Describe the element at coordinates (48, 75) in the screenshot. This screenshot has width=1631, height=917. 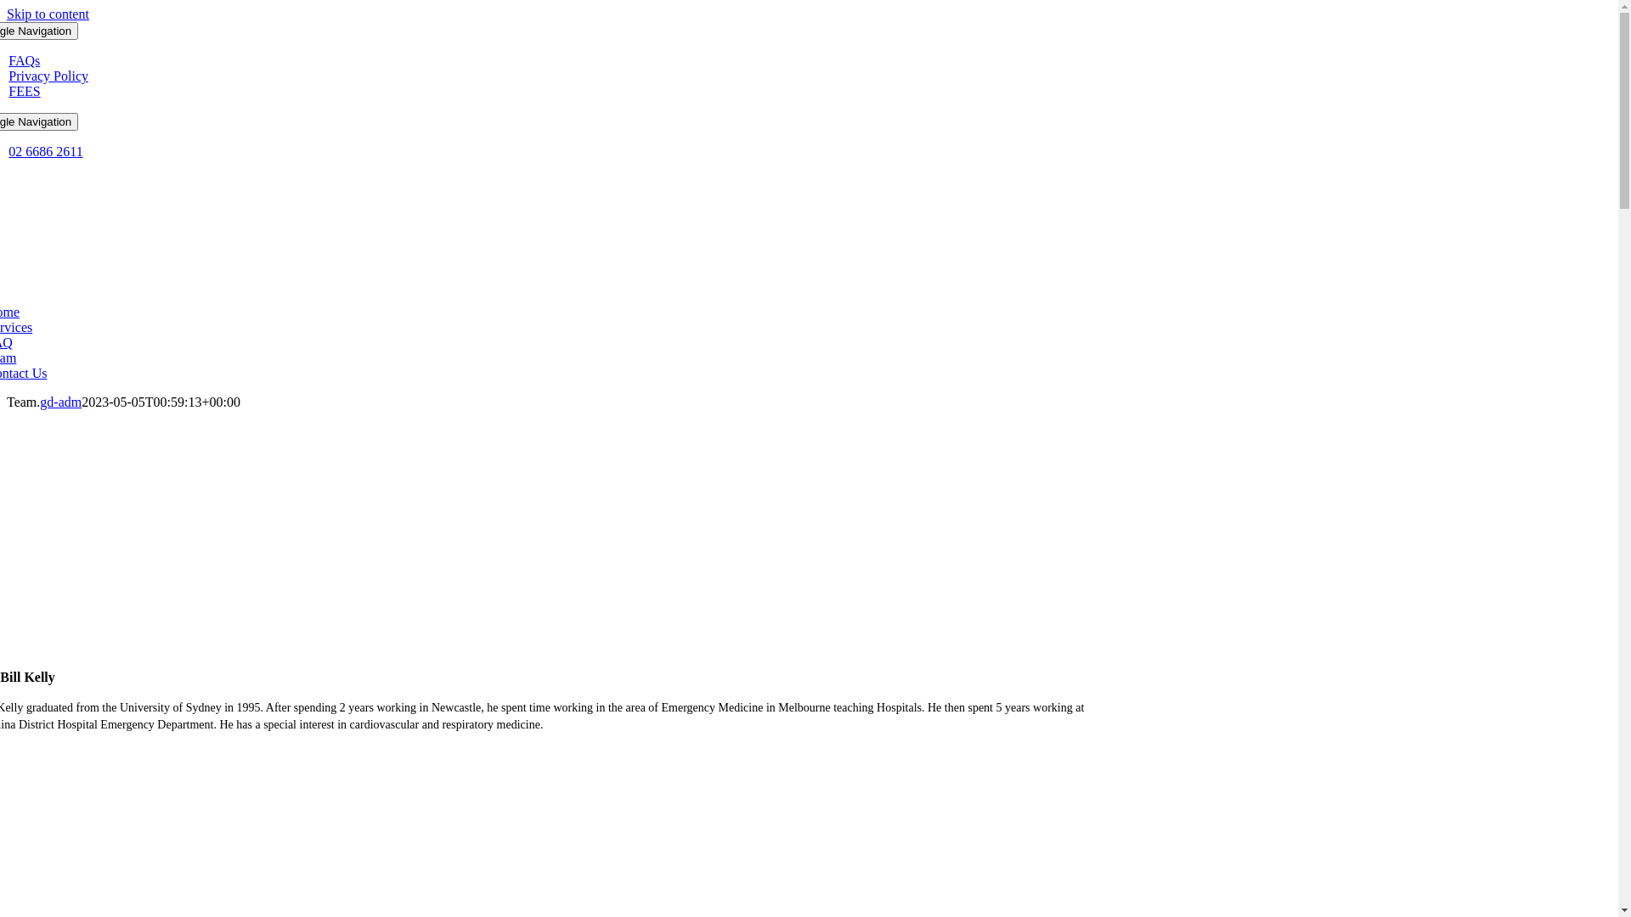
I see `'Privacy Policy'` at that location.